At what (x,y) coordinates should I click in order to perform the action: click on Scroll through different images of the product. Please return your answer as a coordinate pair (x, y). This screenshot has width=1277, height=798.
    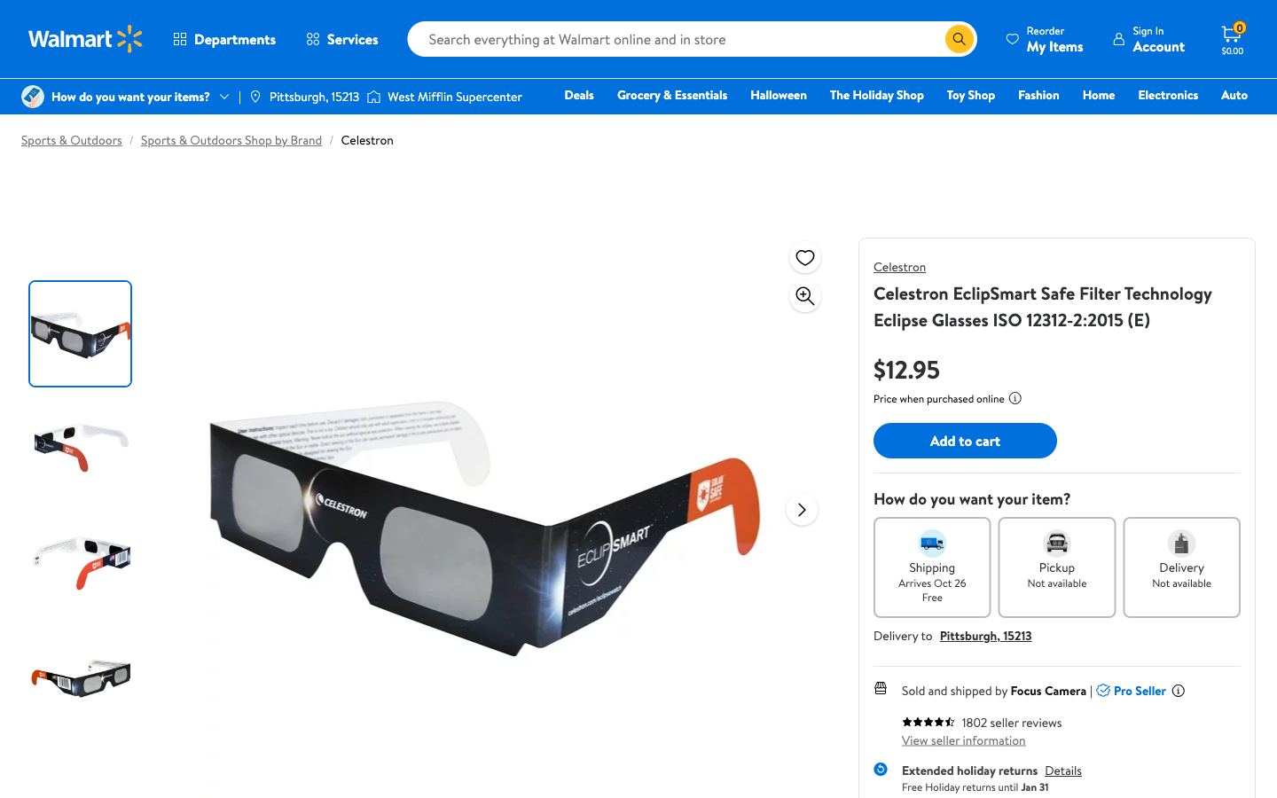
    Looking at the image, I should click on (802, 509).